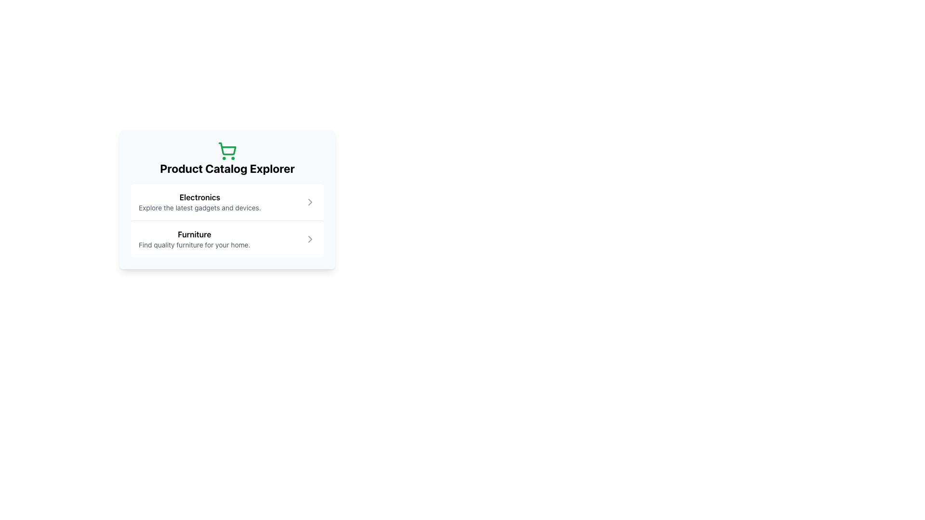  What do you see at coordinates (310, 202) in the screenshot?
I see `the Chevron icon located at the far right of the 'Electronics' section, indicating a clickable action for more details` at bounding box center [310, 202].